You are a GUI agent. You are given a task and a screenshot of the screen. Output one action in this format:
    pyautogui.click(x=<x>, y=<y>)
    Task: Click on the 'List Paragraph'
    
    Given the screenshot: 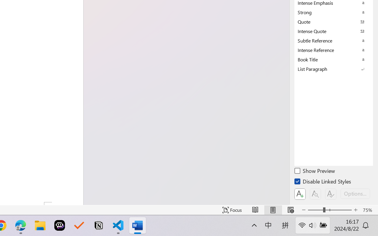 What is the action you would take?
    pyautogui.click(x=334, y=69)
    